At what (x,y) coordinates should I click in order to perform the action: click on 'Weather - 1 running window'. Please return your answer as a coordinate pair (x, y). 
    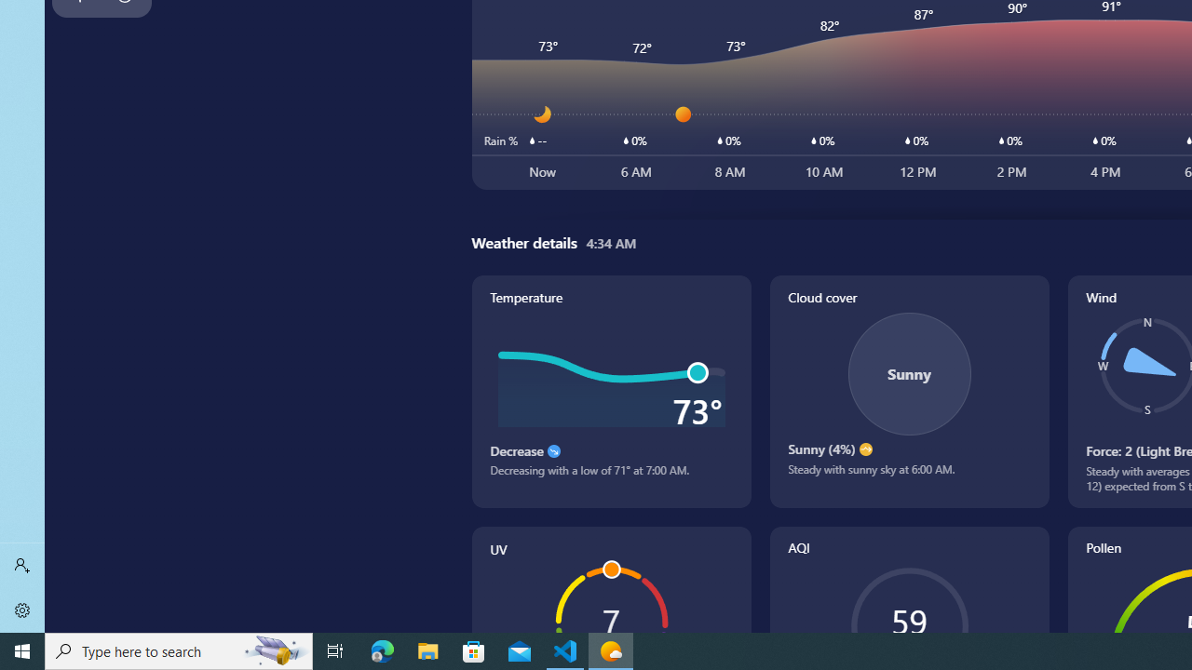
    Looking at the image, I should click on (611, 650).